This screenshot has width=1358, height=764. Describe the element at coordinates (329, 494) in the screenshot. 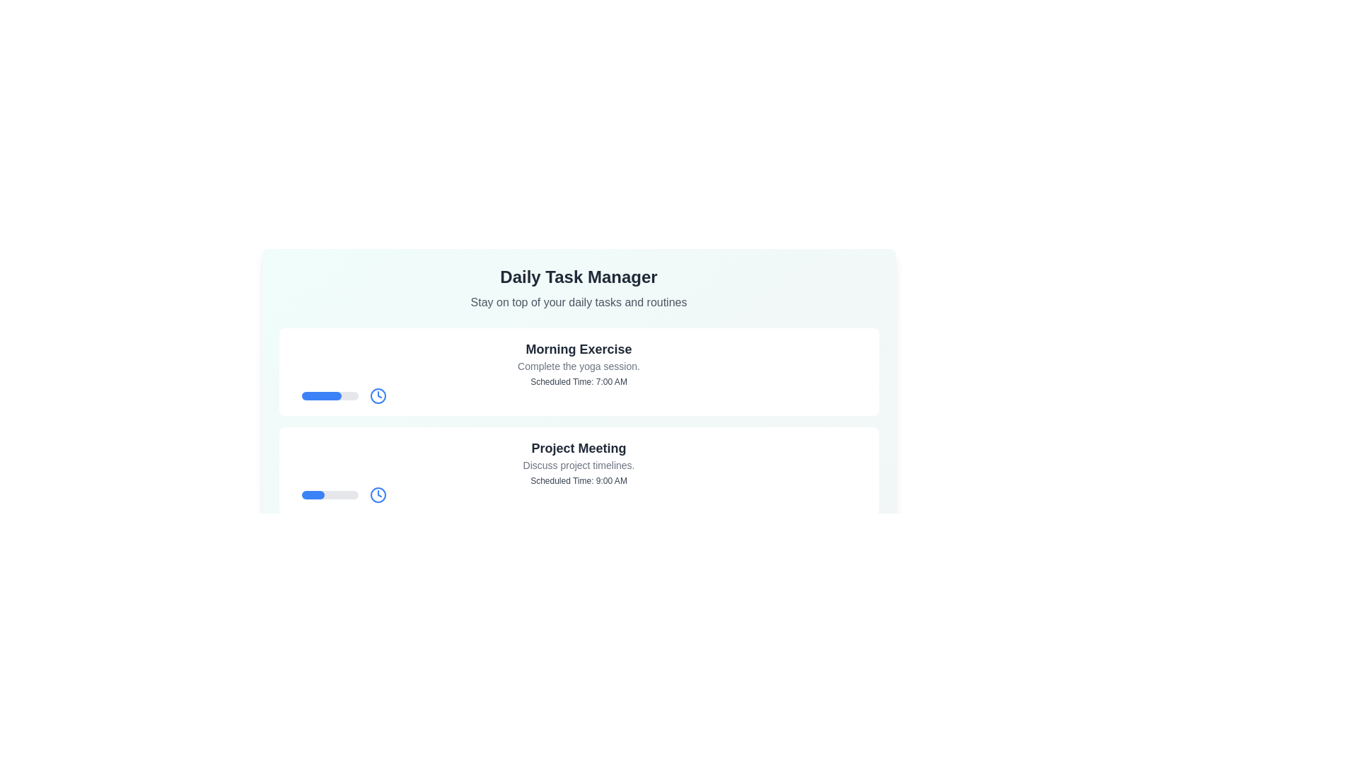

I see `the progress visually on the progress bar associated with the 'Project Meeting' task located in the second section of the interface` at that location.